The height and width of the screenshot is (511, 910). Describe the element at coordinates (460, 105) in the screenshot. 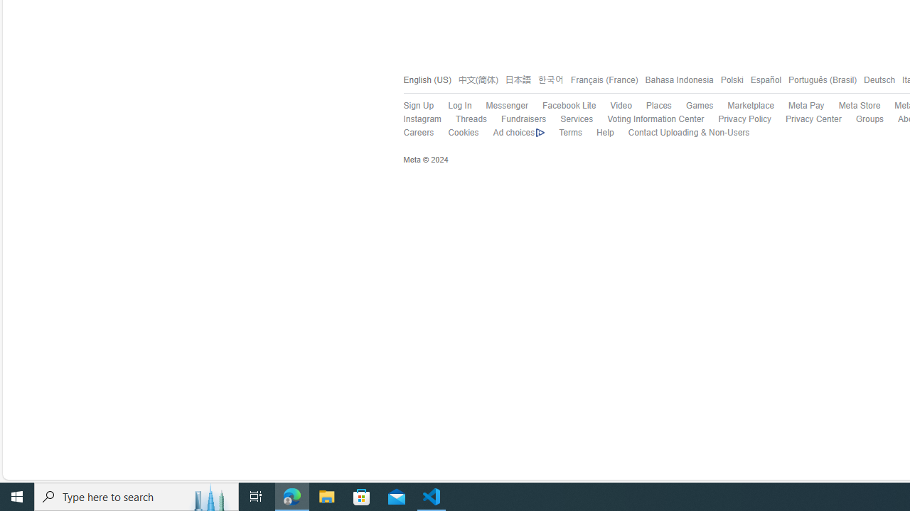

I see `'Log In'` at that location.